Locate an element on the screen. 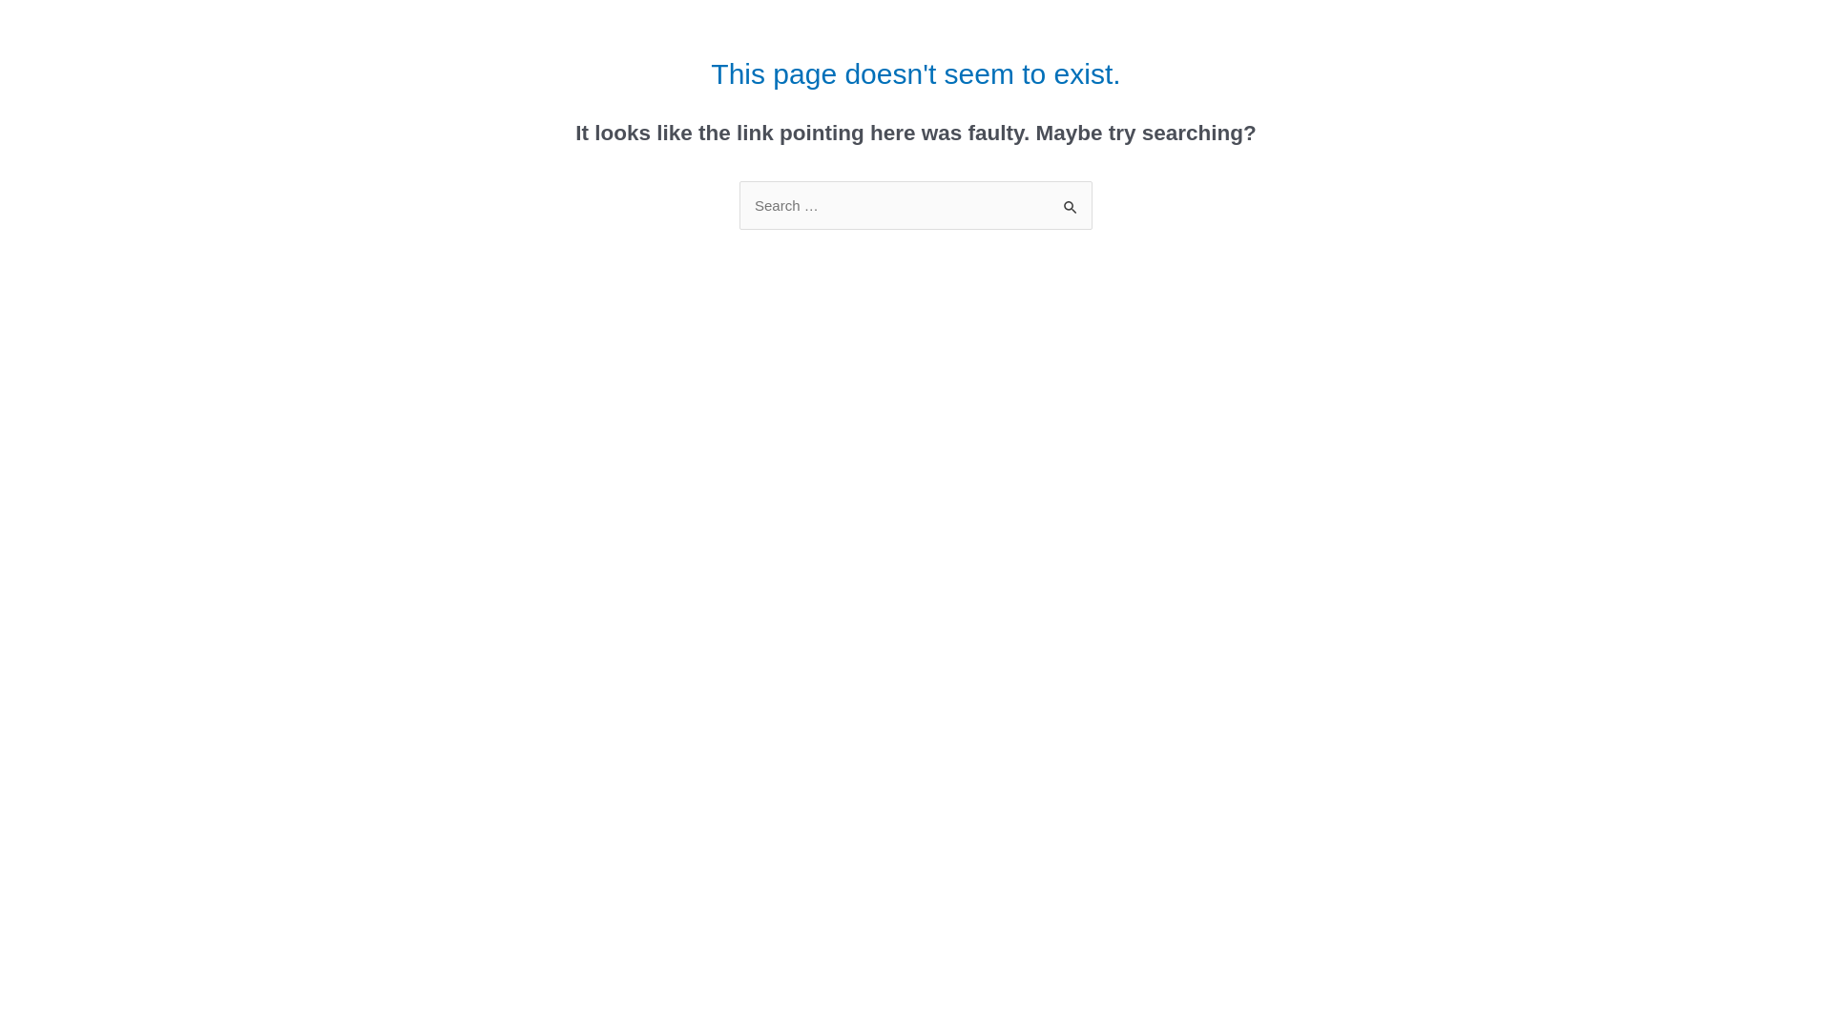 The width and height of the screenshot is (1832, 1030). 'Search' is located at coordinates (1071, 200).